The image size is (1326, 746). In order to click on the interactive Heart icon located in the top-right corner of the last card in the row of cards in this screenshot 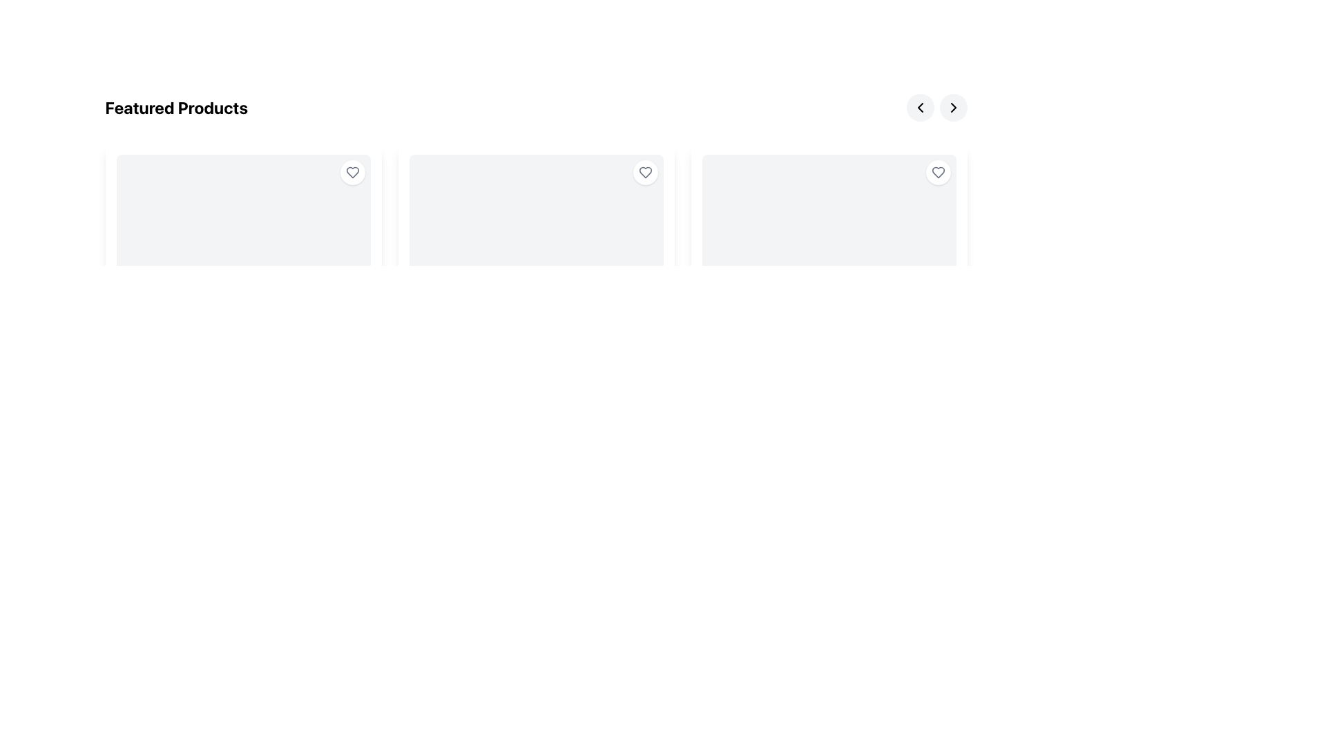, I will do `click(938, 172)`.